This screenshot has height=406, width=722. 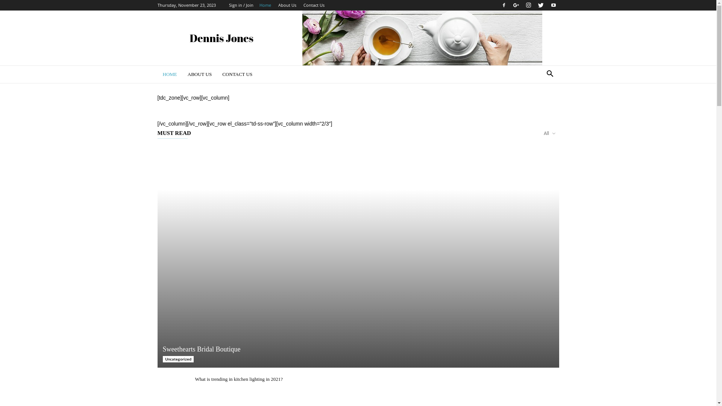 I want to click on 'About Us', so click(x=287, y=5).